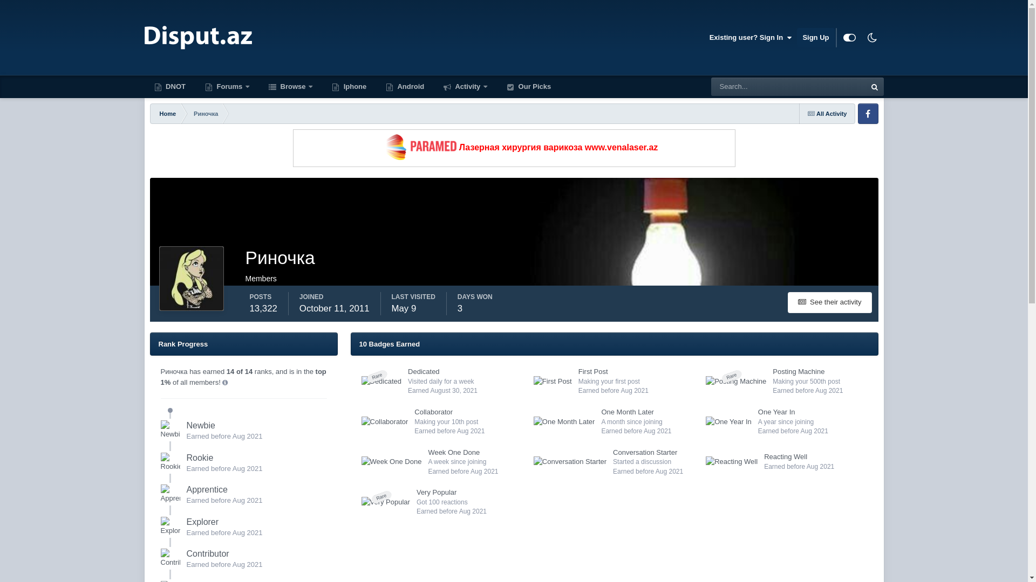 This screenshot has height=582, width=1036. What do you see at coordinates (227, 86) in the screenshot?
I see `'Forums'` at bounding box center [227, 86].